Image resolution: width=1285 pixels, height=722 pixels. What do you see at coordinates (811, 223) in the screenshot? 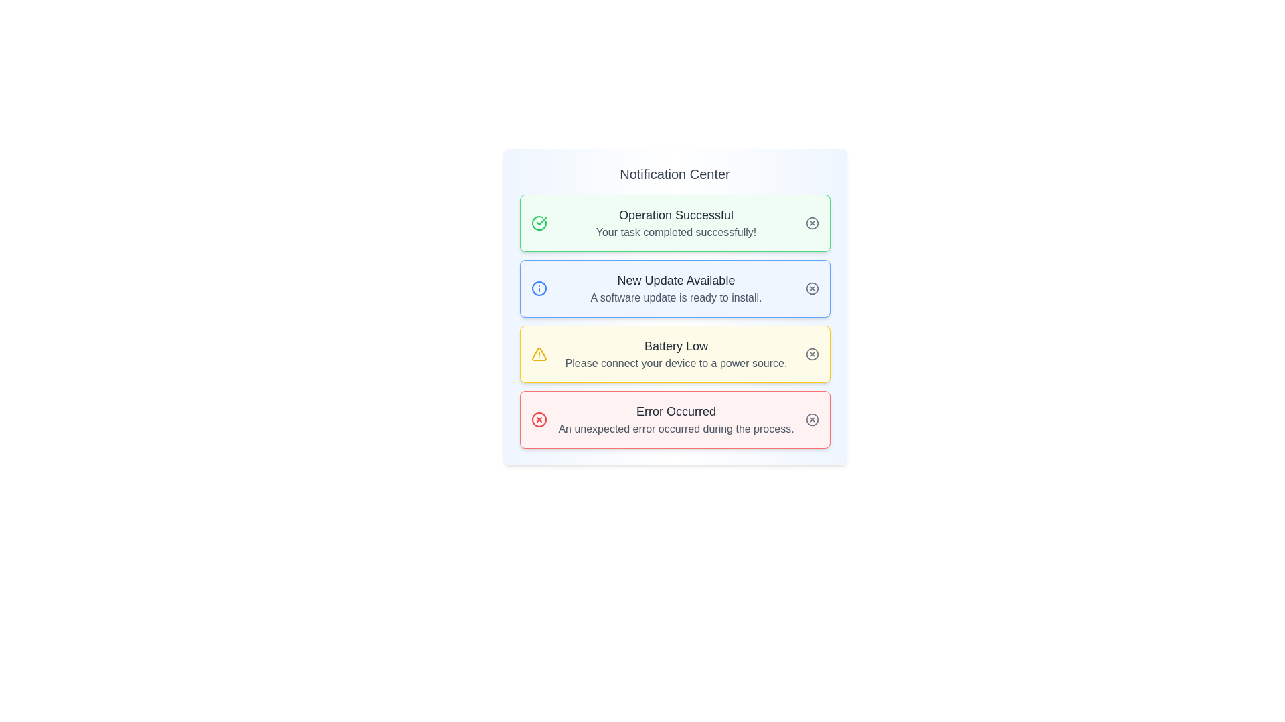
I see `the circular close button located in the top right corner of the green notification block labeled 'Operation Successful'` at bounding box center [811, 223].